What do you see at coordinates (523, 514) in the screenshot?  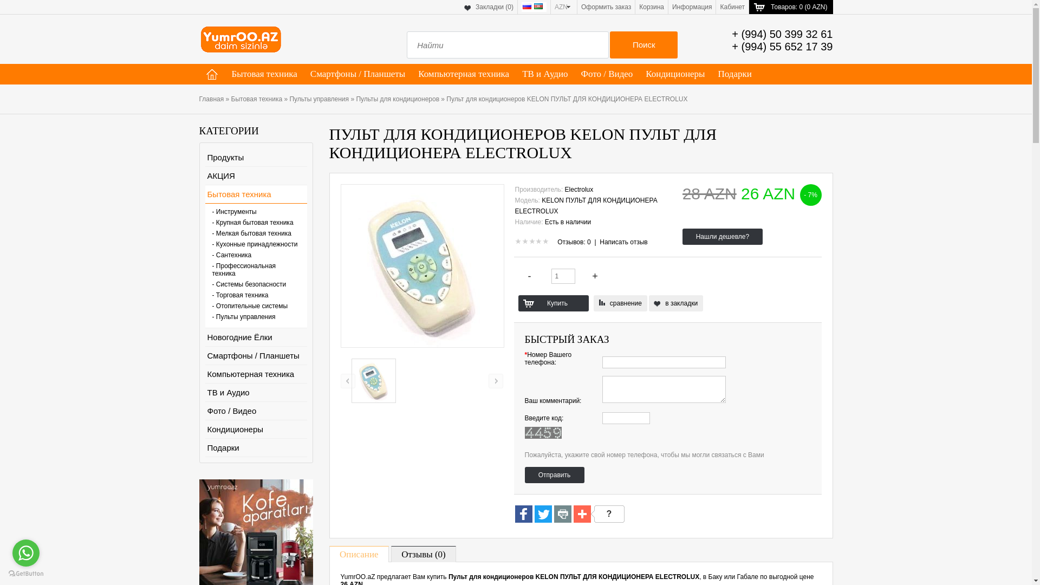 I see `'Facebook'` at bounding box center [523, 514].